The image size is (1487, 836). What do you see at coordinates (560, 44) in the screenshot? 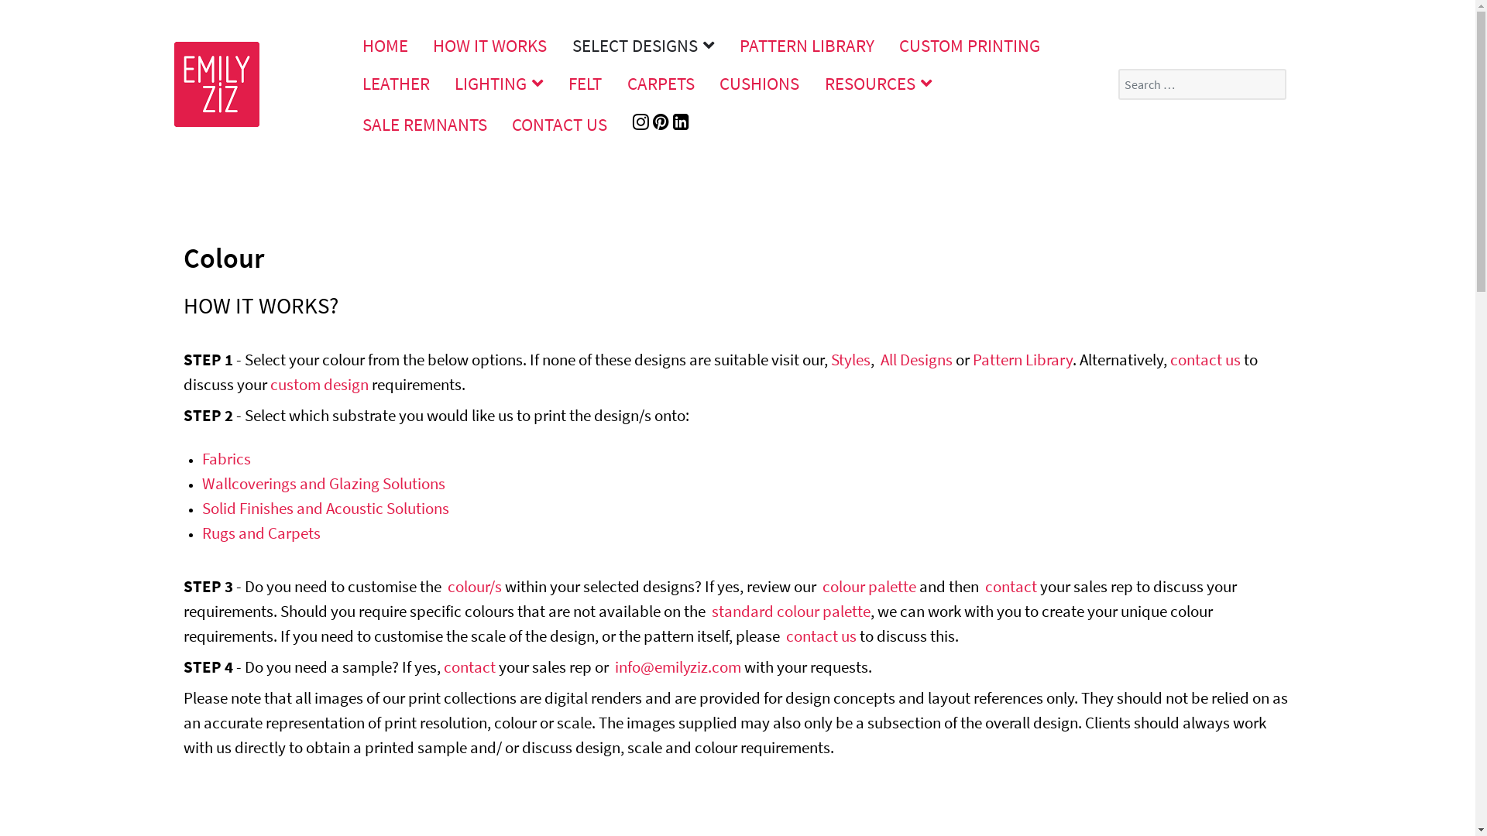
I see `'SELECT DESIGNS'` at bounding box center [560, 44].